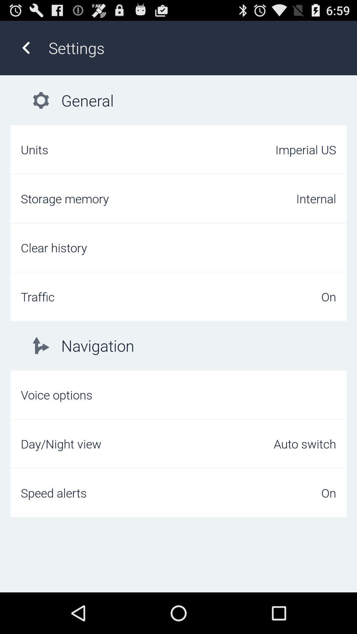 The image size is (357, 634). Describe the element at coordinates (25, 51) in the screenshot. I see `the arrow_backward icon` at that location.